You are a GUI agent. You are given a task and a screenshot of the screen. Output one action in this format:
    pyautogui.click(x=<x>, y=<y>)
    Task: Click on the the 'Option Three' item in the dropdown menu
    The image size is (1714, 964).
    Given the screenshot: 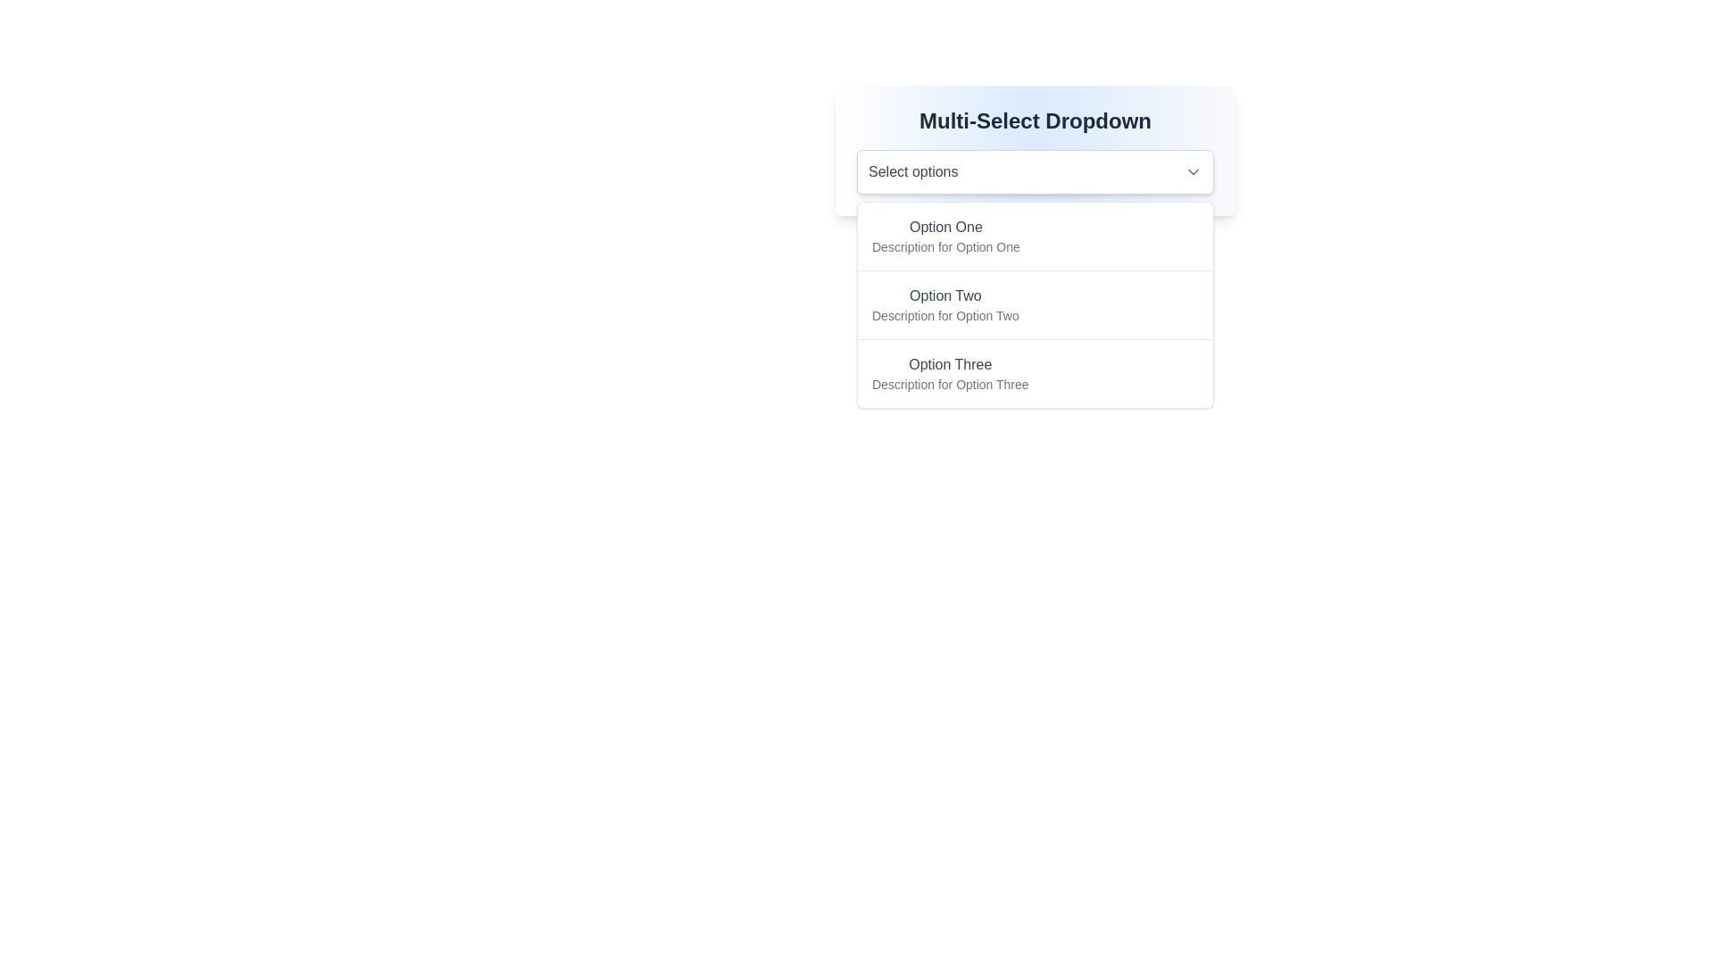 What is the action you would take?
    pyautogui.click(x=1036, y=371)
    